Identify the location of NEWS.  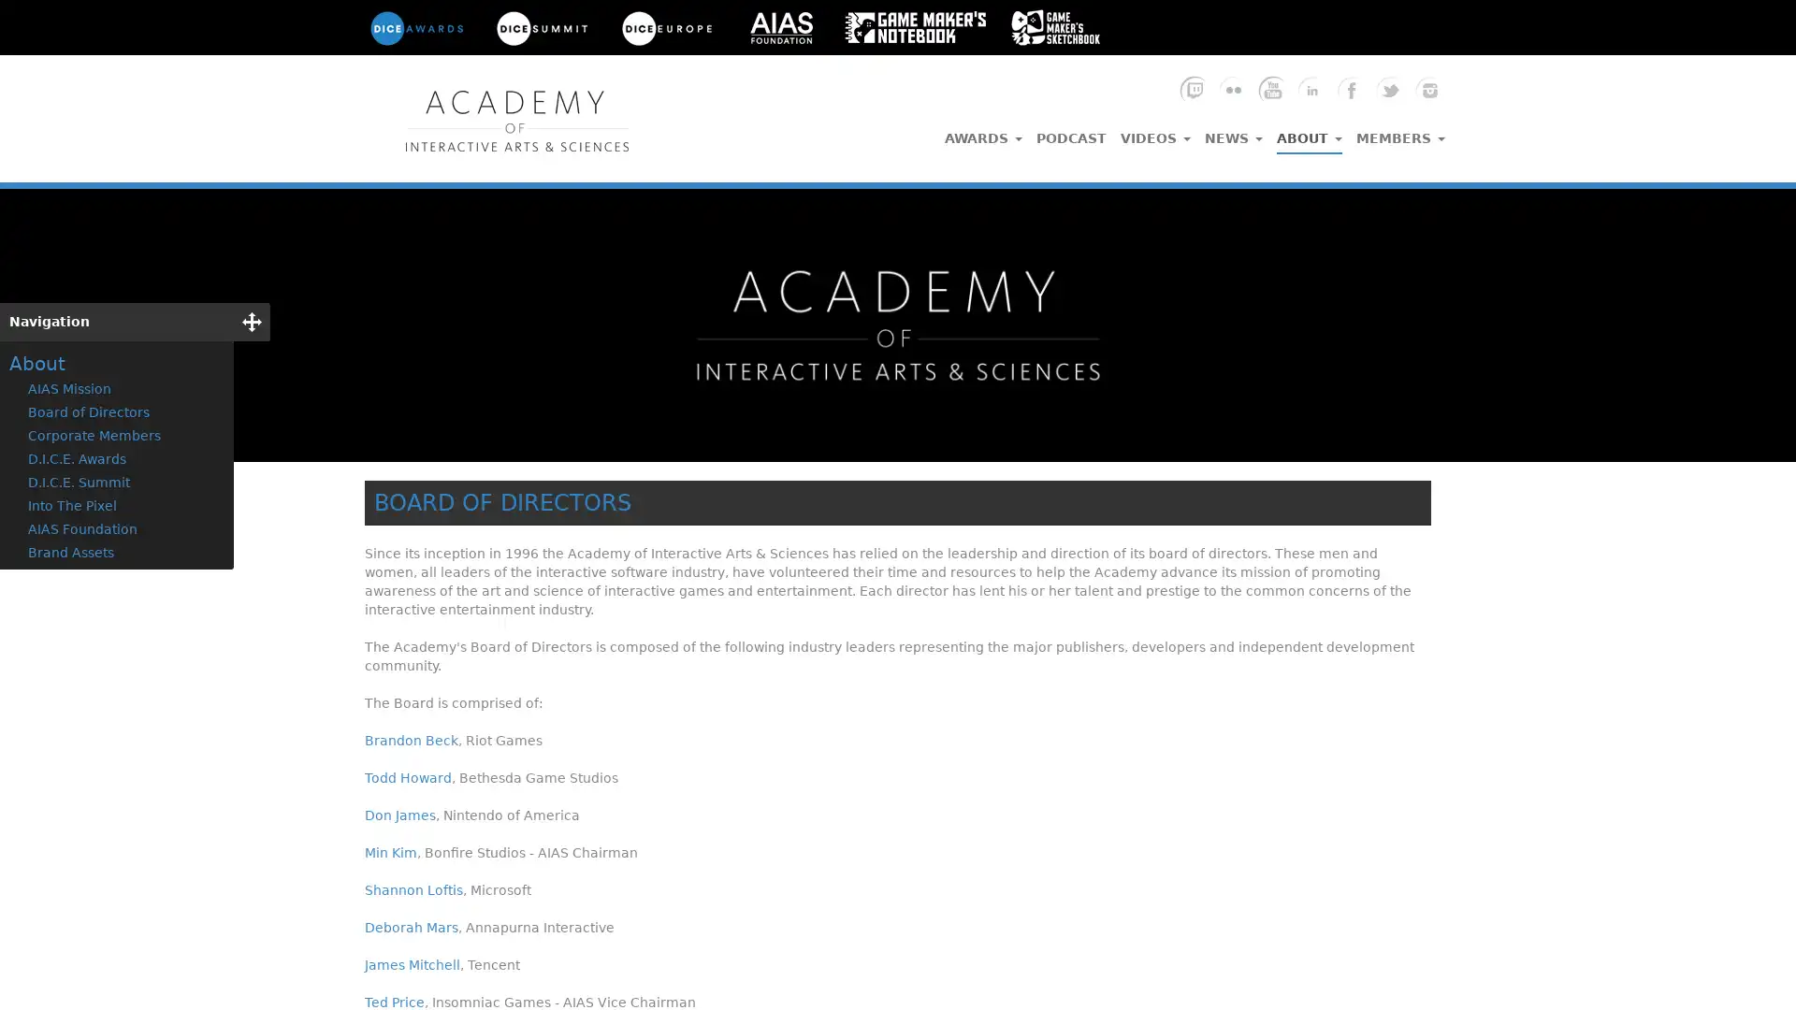
(1234, 132).